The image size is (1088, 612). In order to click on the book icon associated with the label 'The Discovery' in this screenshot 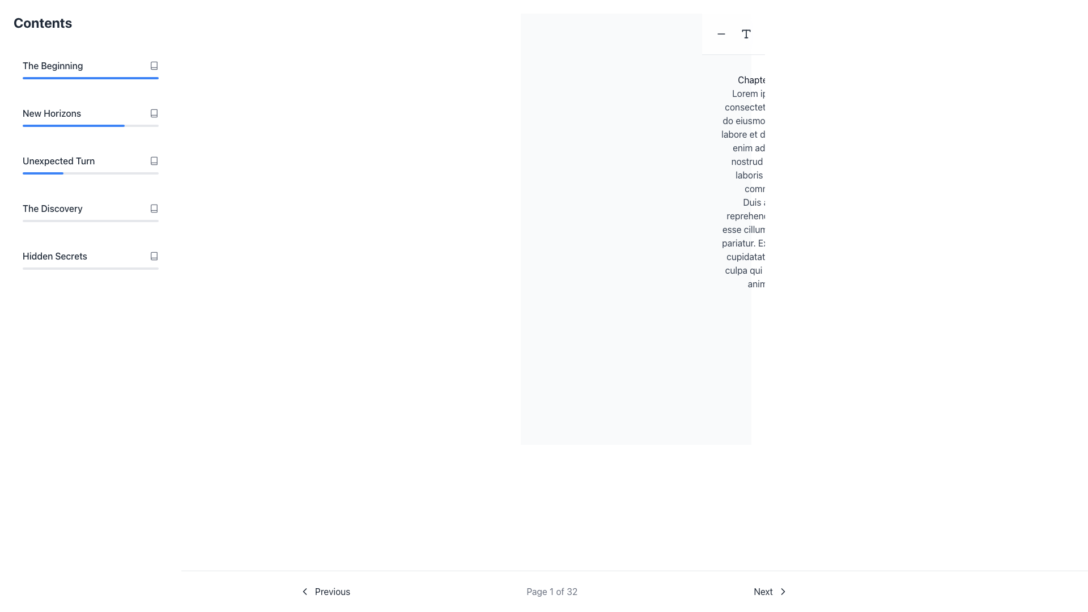, I will do `click(154, 208)`.